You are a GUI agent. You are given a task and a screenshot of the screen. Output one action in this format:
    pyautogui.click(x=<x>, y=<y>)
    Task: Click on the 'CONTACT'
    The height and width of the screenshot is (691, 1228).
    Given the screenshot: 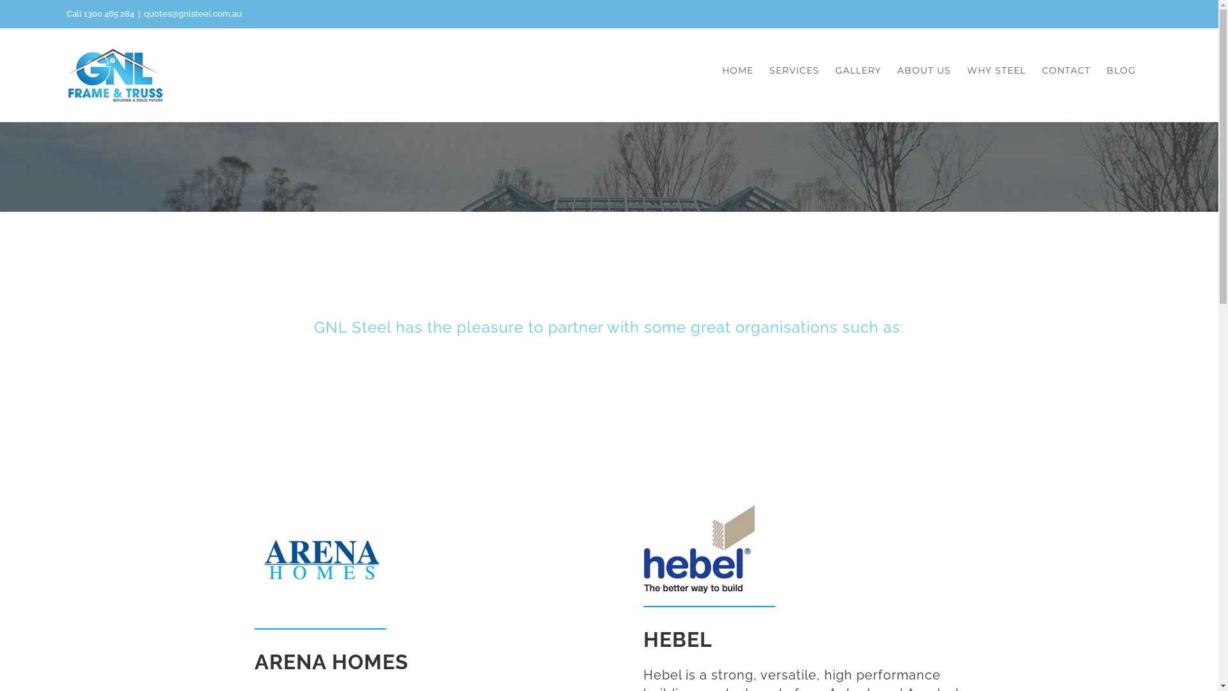 What is the action you would take?
    pyautogui.click(x=1066, y=70)
    